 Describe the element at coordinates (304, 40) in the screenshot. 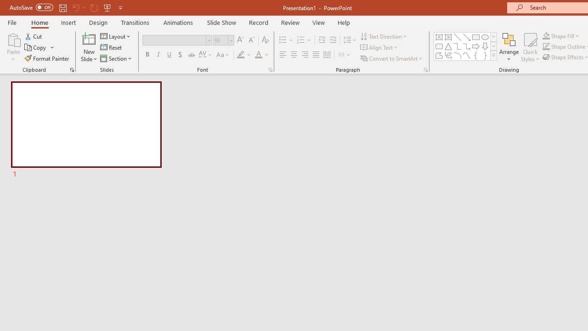

I see `'Numbering'` at that location.